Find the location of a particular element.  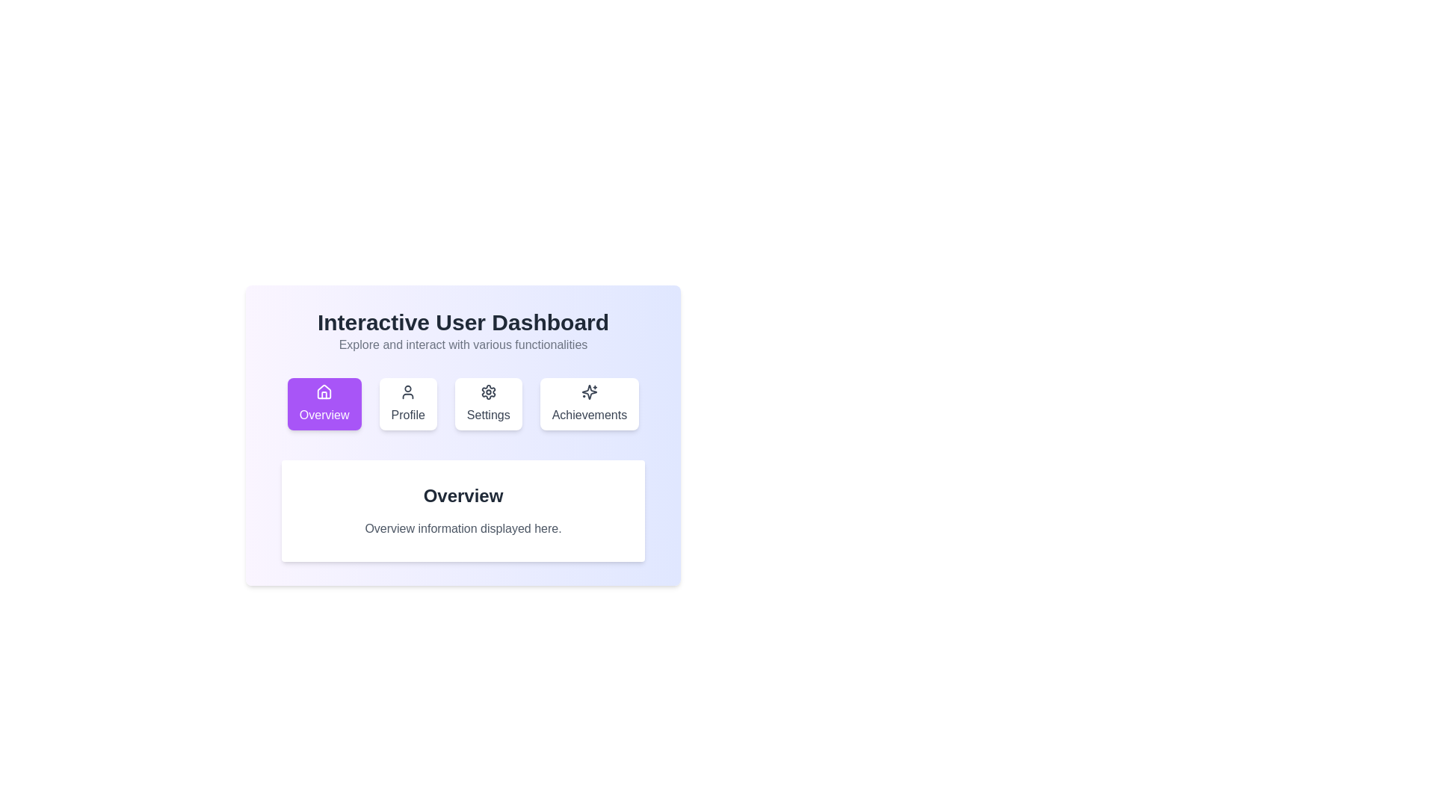

the non-interactive descriptive section that displays an overview message, located beneath the 'Overview', 'Profile', 'Settings', and 'Achievements' buttons is located at coordinates (462, 510).